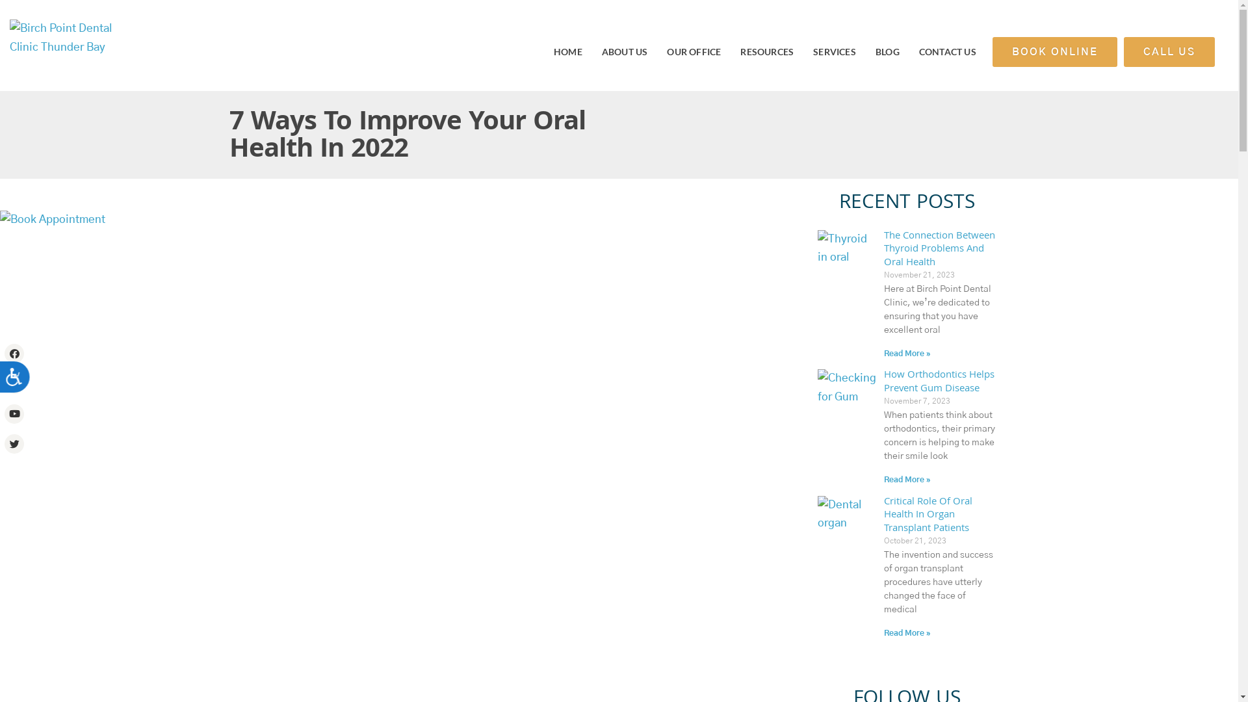 Image resolution: width=1248 pixels, height=702 pixels. Describe the element at coordinates (834, 51) in the screenshot. I see `'SERVICES'` at that location.